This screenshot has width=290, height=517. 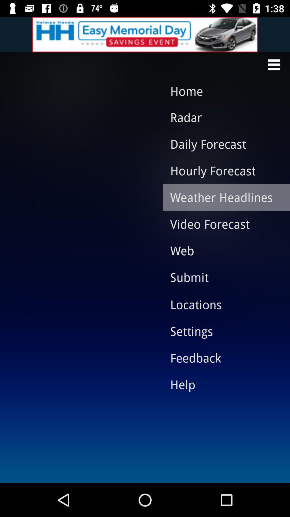 What do you see at coordinates (222, 305) in the screenshot?
I see `locations item` at bounding box center [222, 305].